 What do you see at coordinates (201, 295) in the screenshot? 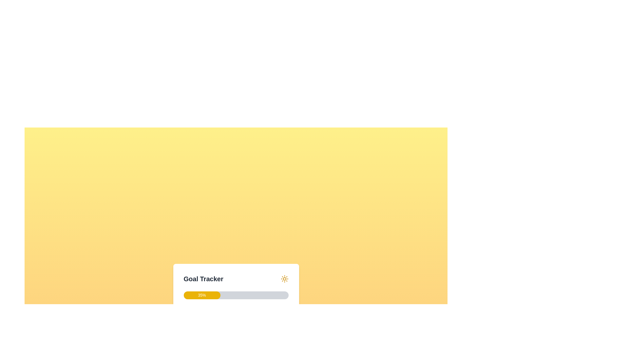
I see `the yellow progress bar segment that displays '35%' in white, located at the bottom-center of the layout` at bounding box center [201, 295].